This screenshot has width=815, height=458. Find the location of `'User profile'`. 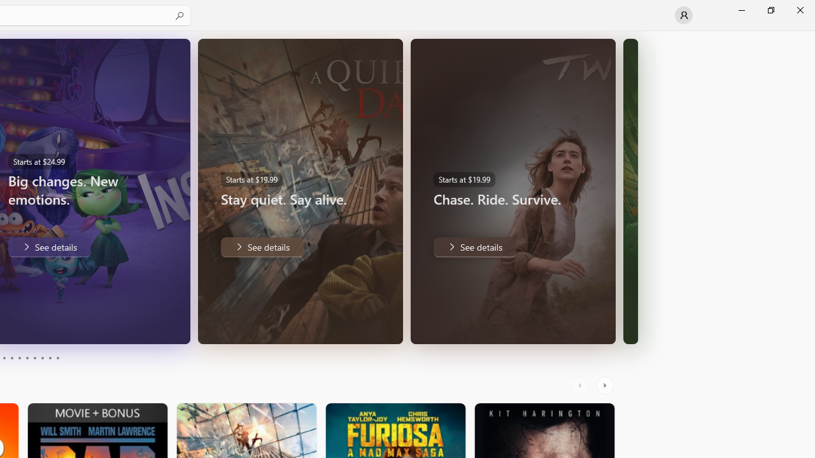

'User profile' is located at coordinates (683, 15).